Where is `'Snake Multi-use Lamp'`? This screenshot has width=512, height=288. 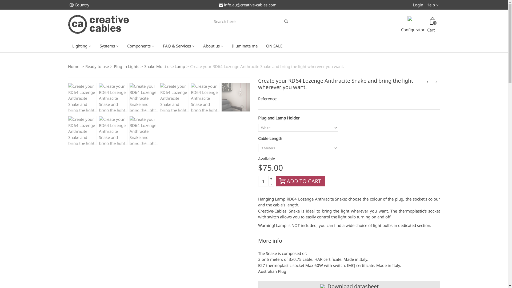 'Snake Multi-use Lamp' is located at coordinates (164, 66).